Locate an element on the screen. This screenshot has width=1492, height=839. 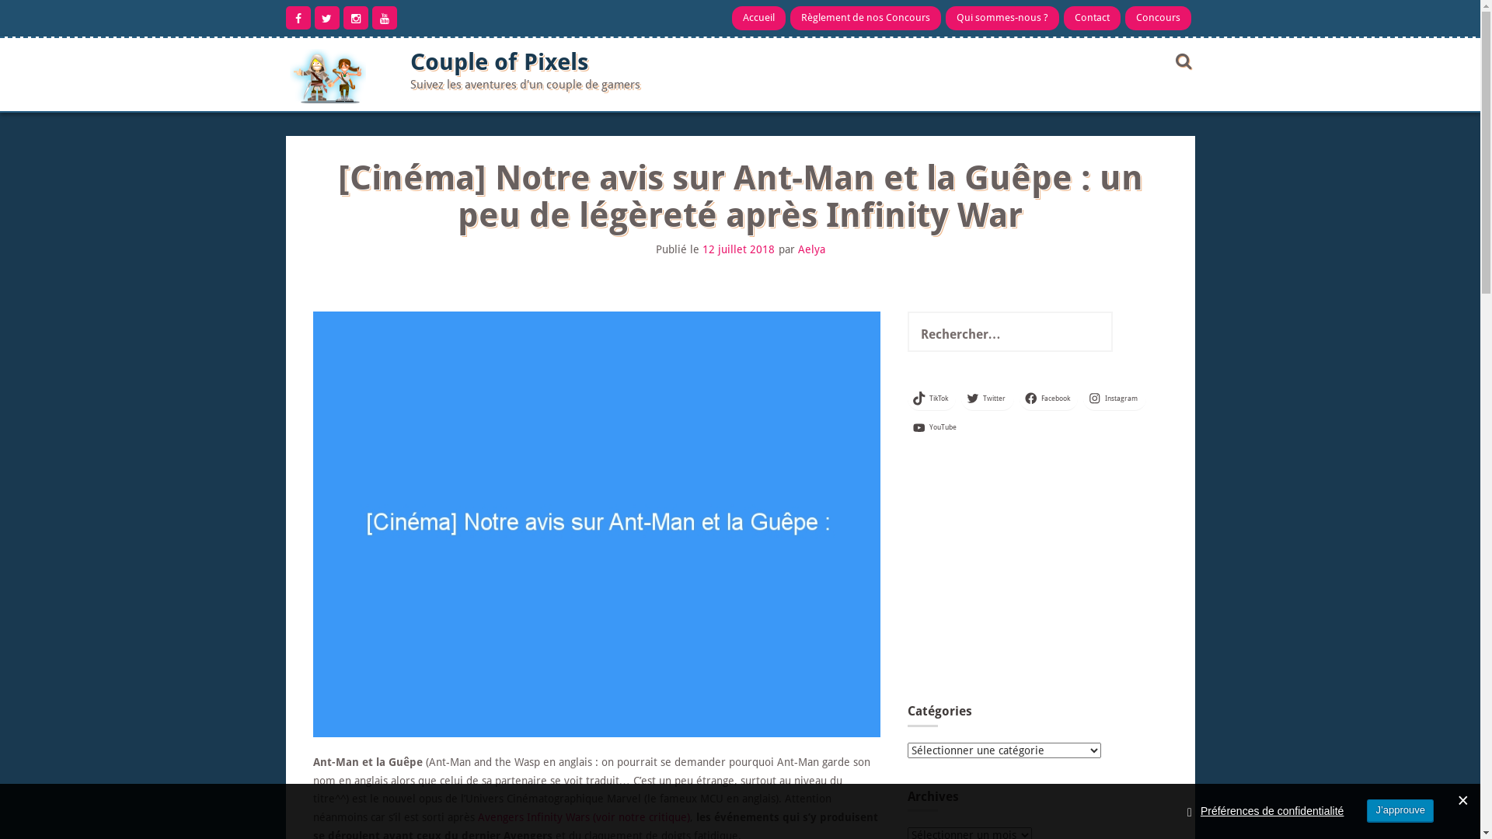
'Qui sommes-nous ?' is located at coordinates (1002, 18).